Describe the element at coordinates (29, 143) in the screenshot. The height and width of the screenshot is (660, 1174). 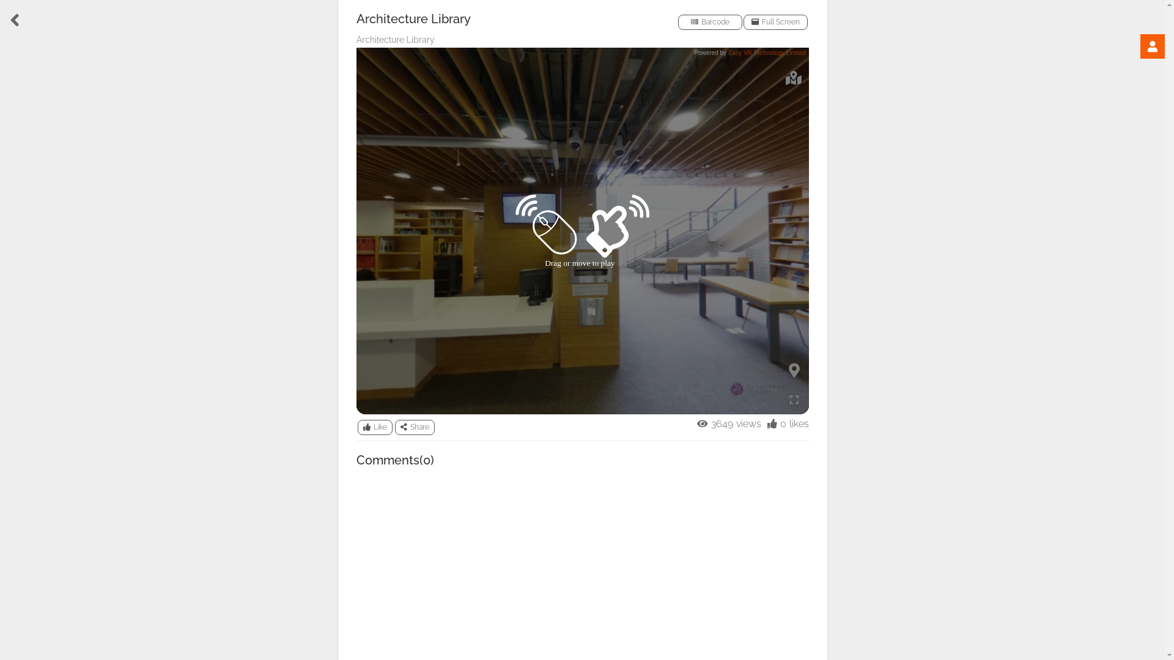
I see `'SHOPPING'` at that location.